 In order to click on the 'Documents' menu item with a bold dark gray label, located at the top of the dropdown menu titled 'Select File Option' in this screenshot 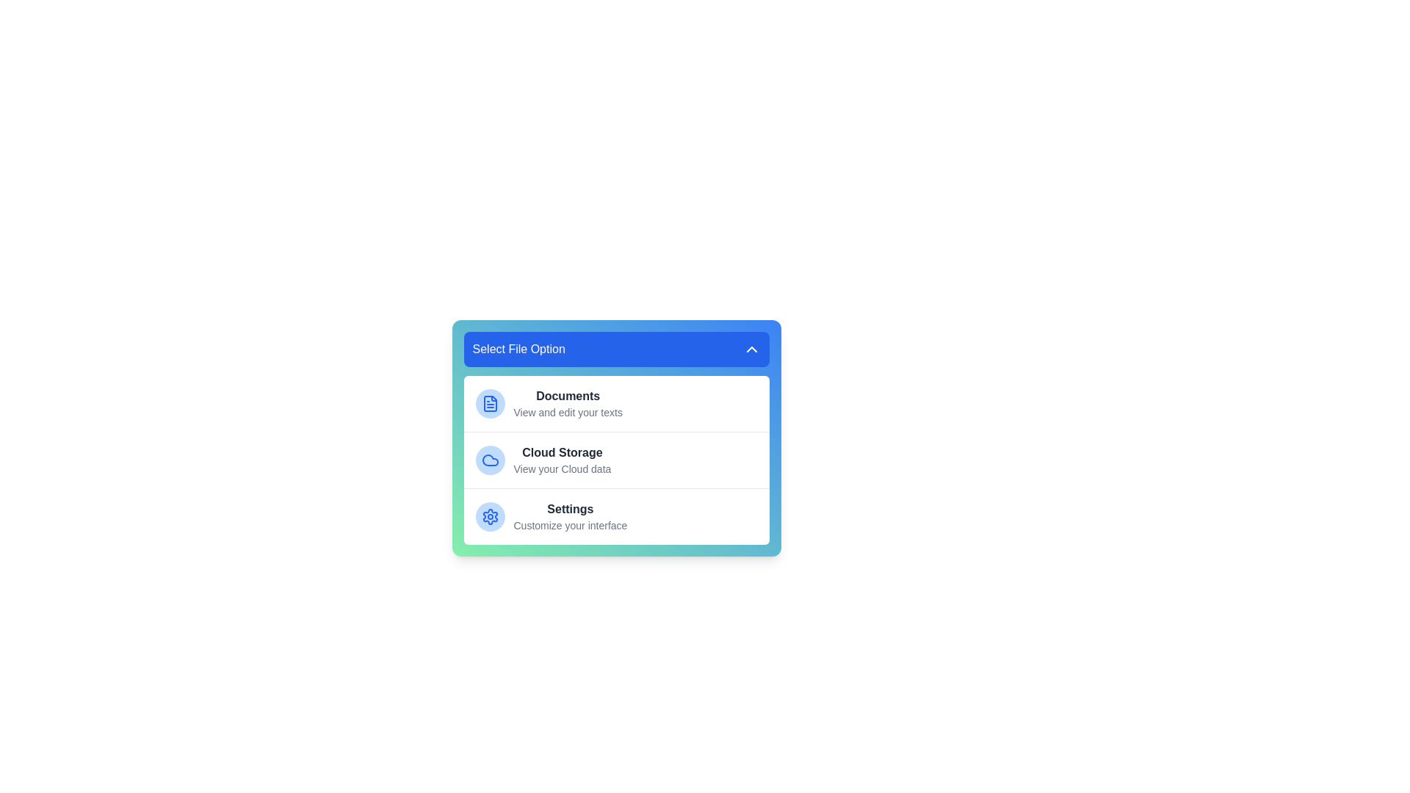, I will do `click(616, 404)`.